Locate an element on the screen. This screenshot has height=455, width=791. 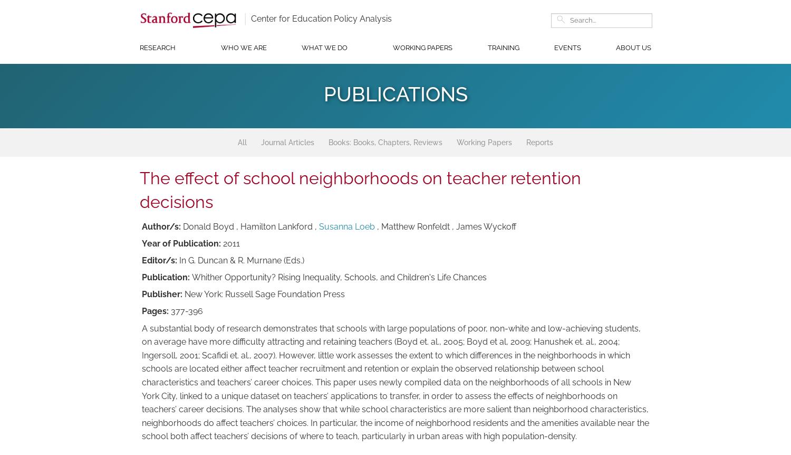
'New York: Russell Sage Foundation Press' is located at coordinates (265, 293).